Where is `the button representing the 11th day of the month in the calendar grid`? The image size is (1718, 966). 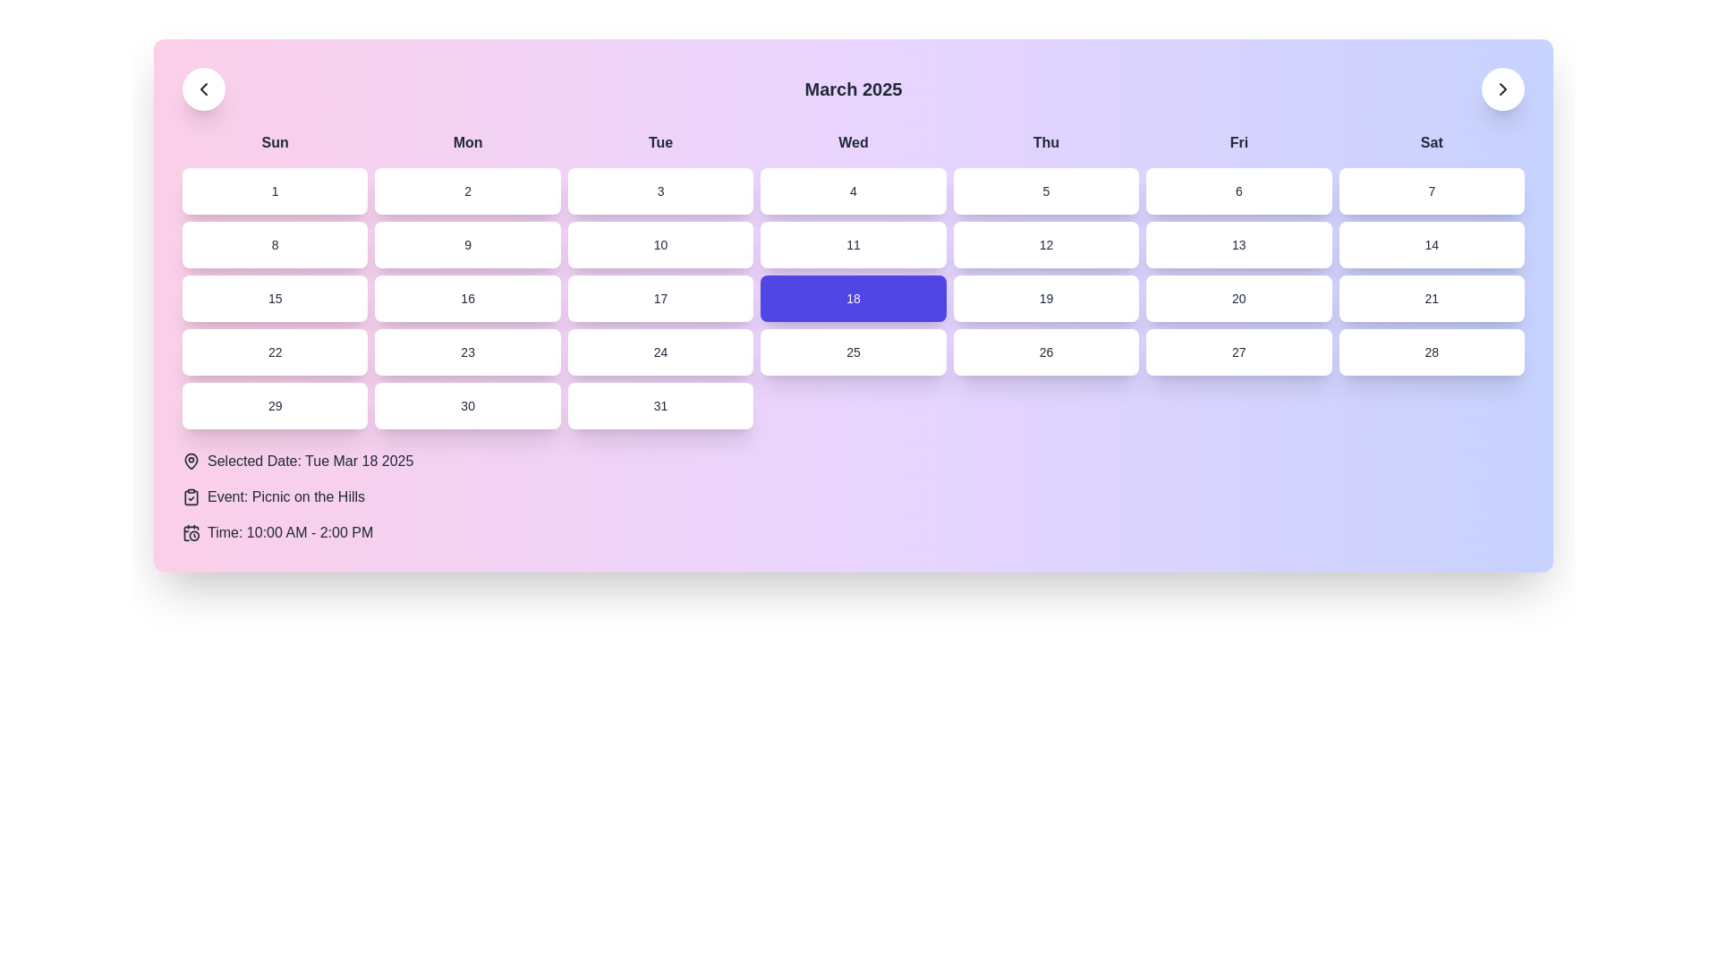
the button representing the 11th day of the month in the calendar grid is located at coordinates (853, 244).